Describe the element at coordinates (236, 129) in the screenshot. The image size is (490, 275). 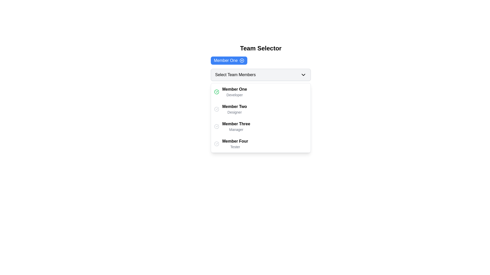
I see `the text label indicating the role or attributes of 'Member Three' located below the main text in the dropdown menu` at that location.